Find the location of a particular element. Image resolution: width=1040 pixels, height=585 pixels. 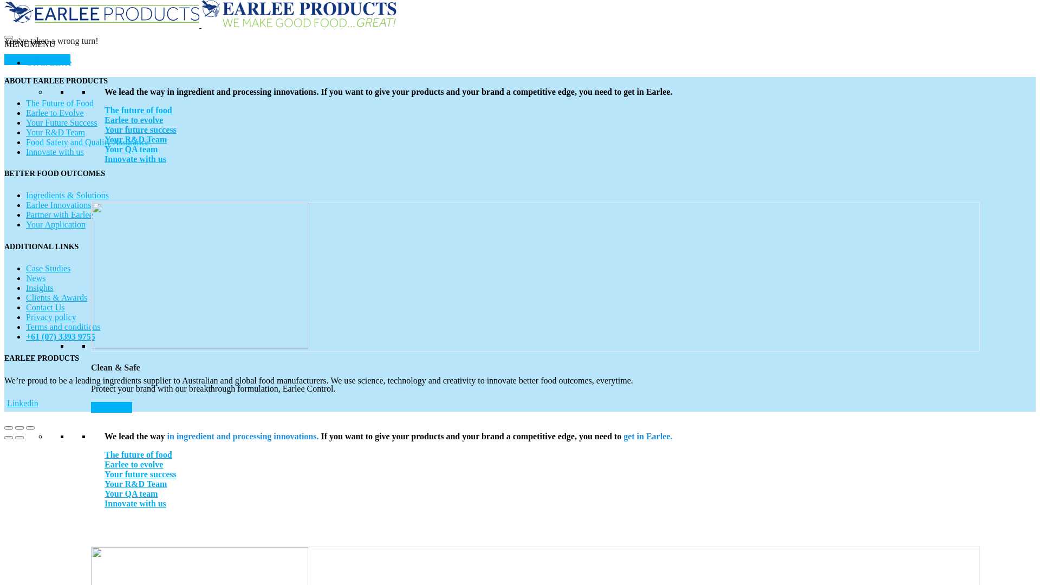

'Zoom in/out' is located at coordinates (26, 427).